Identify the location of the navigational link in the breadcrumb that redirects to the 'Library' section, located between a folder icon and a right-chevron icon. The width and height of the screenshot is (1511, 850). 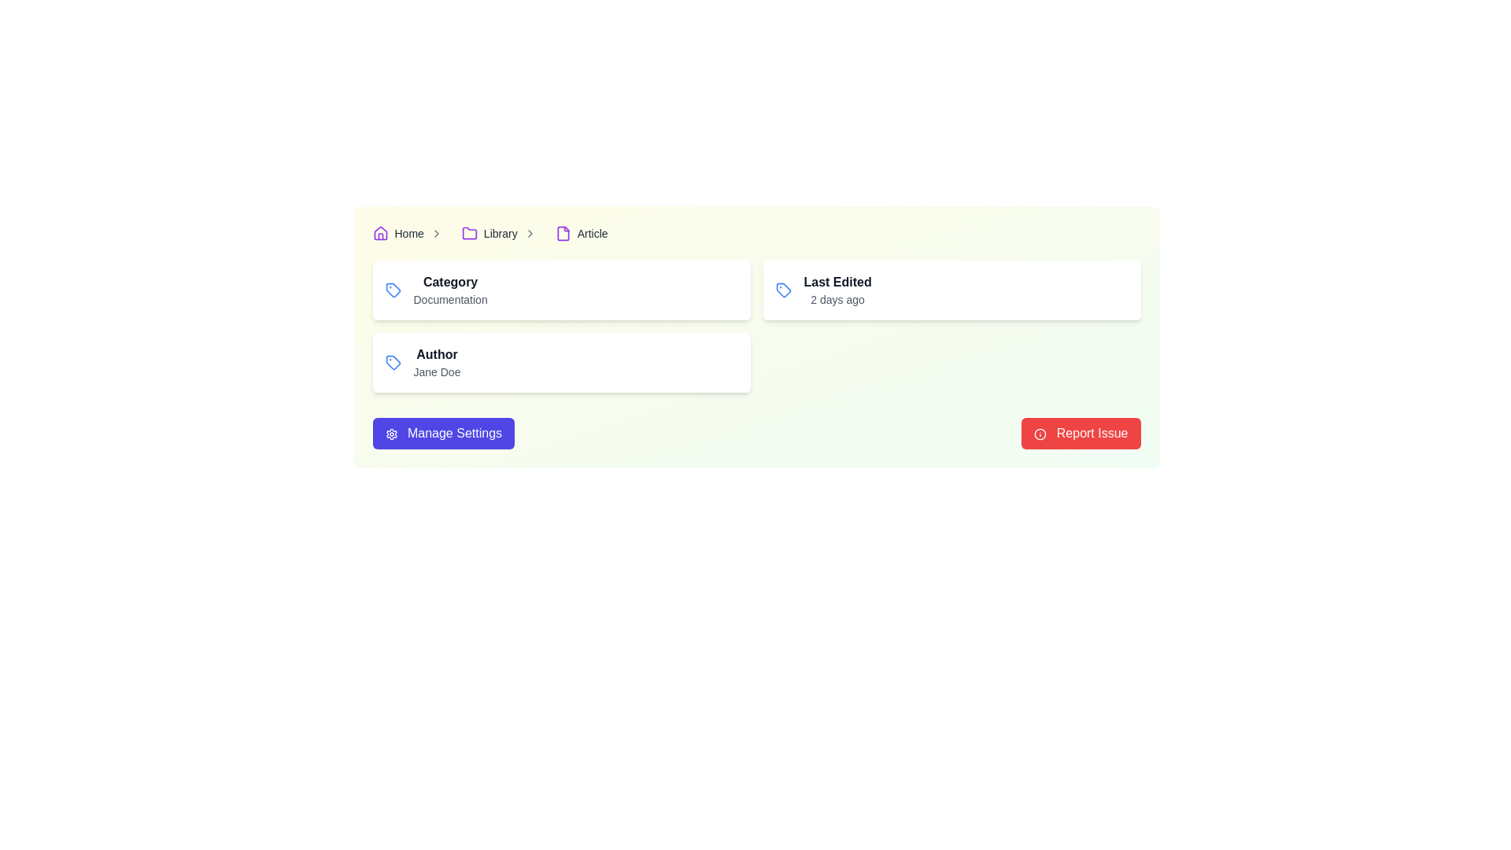
(499, 234).